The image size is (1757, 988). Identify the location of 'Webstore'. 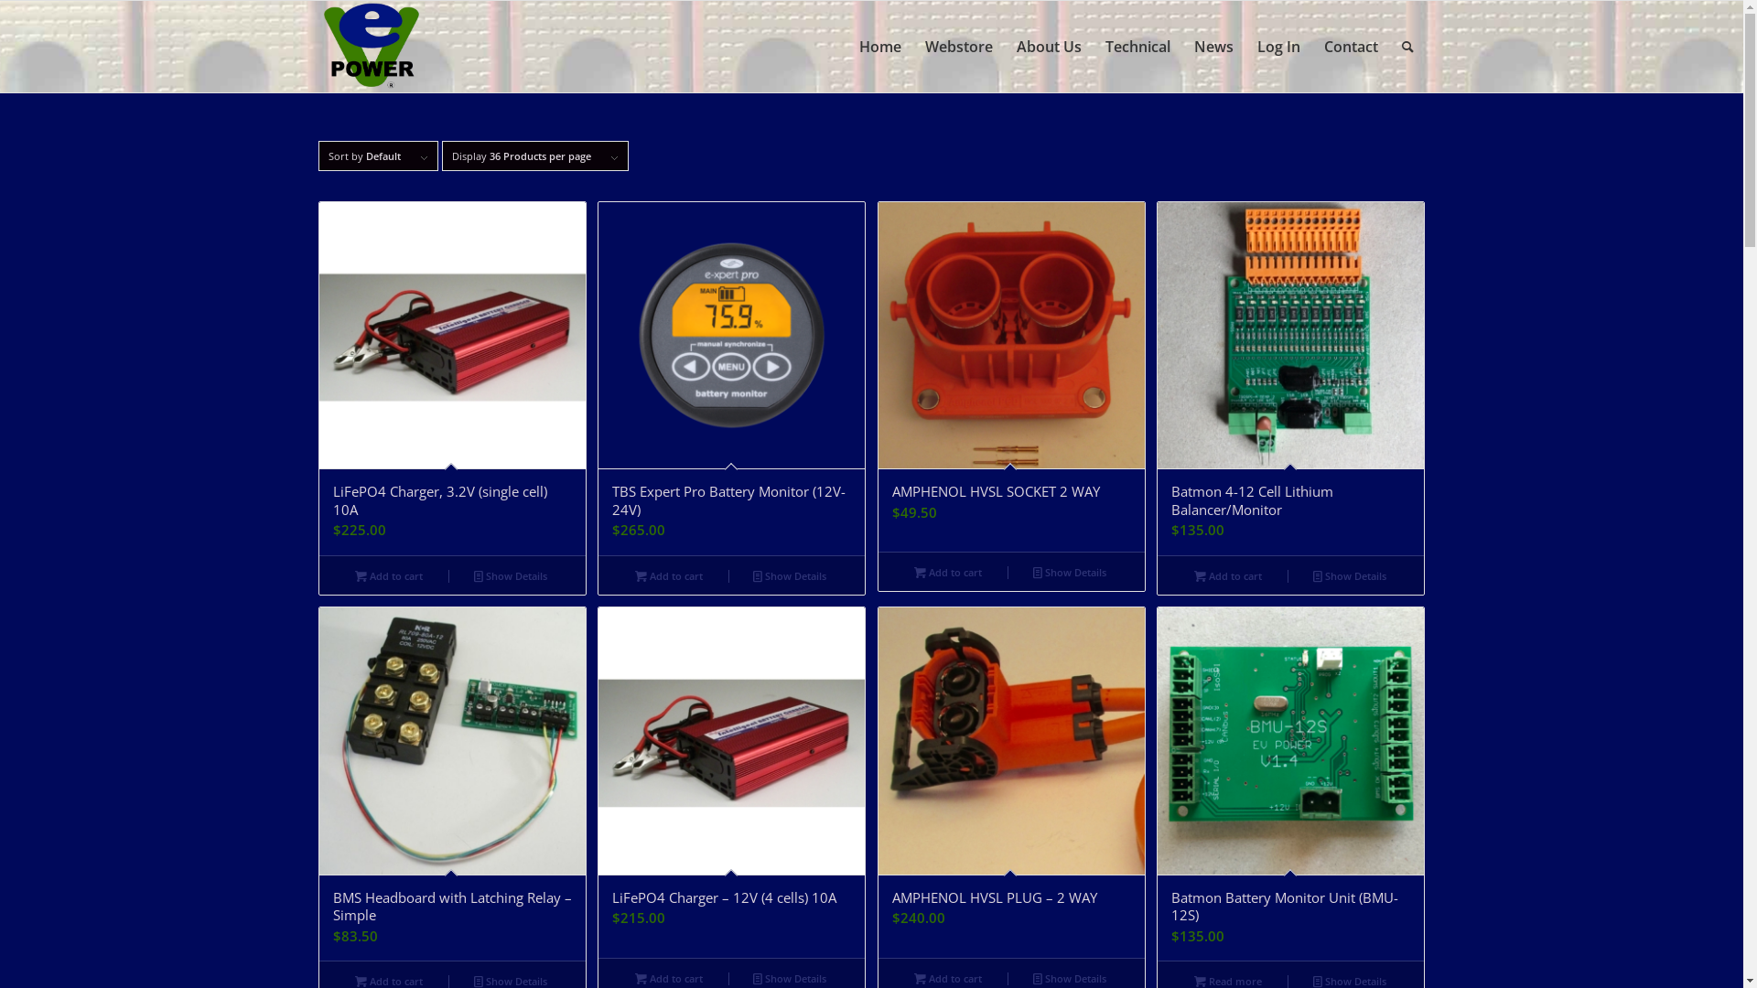
(957, 45).